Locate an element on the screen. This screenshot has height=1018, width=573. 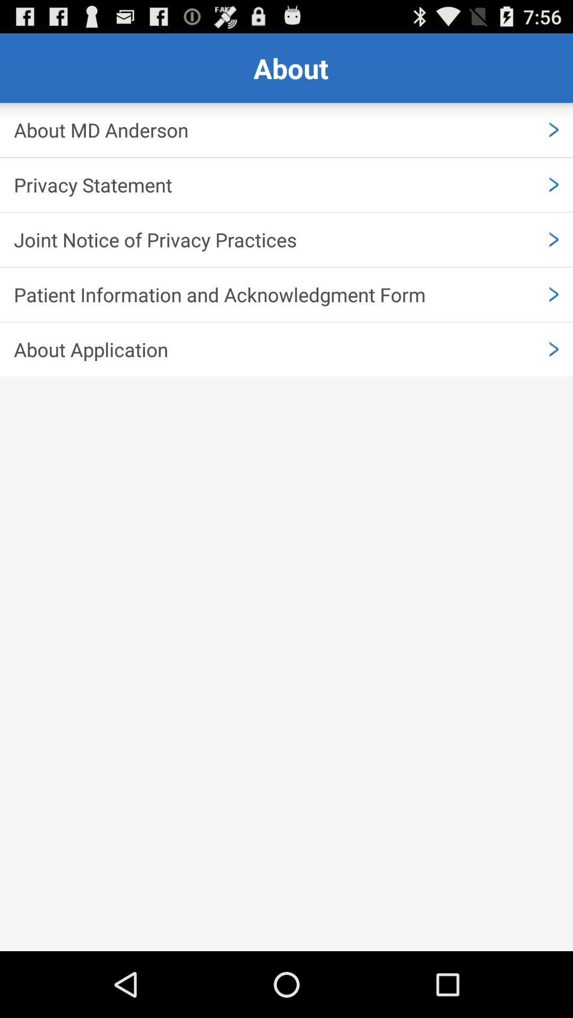
icon above the joint notice of item is located at coordinates (286, 185).